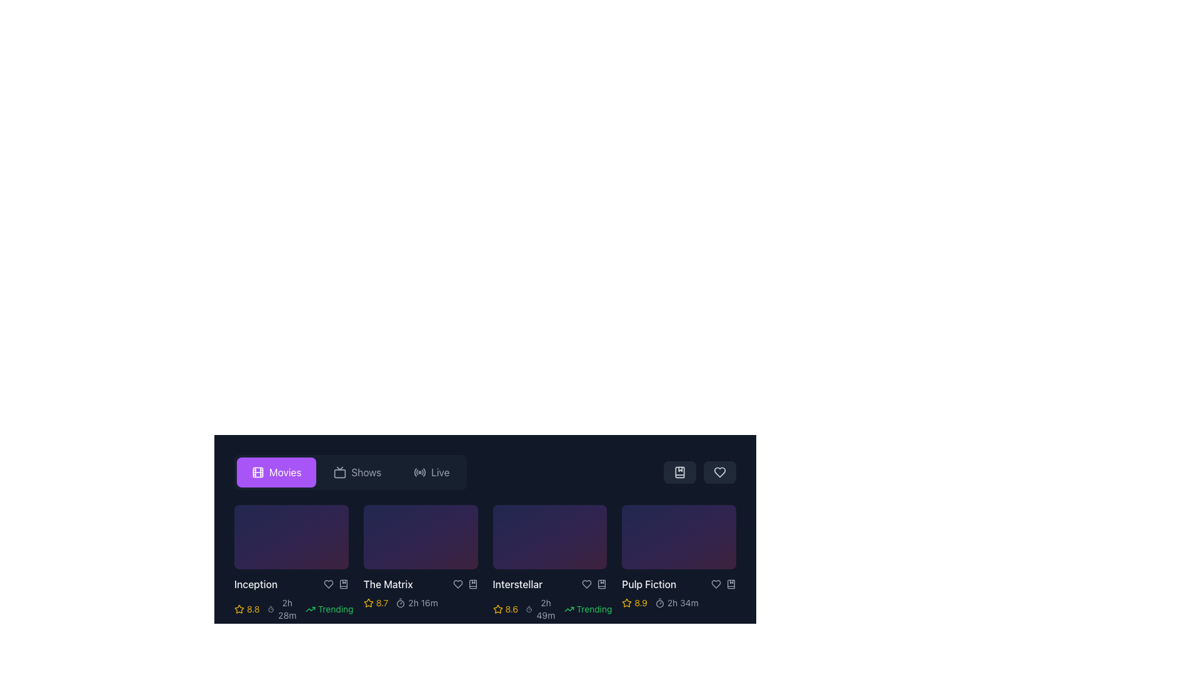 The width and height of the screenshot is (1200, 675). Describe the element at coordinates (549, 608) in the screenshot. I see `the information display cluster for the 'Interstellar' movie, which shows a numerical rating in yellow, time duration in gray, and trending status in green, located directly beneath the movie title` at that location.